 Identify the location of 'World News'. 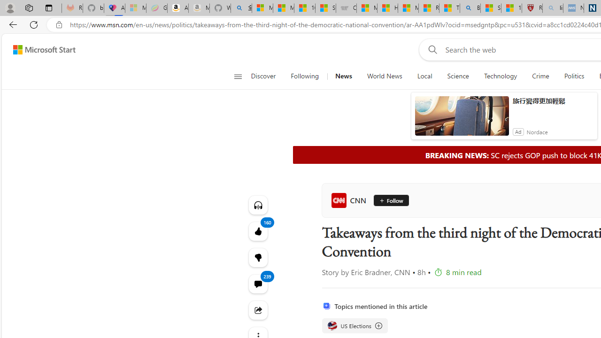
(385, 76).